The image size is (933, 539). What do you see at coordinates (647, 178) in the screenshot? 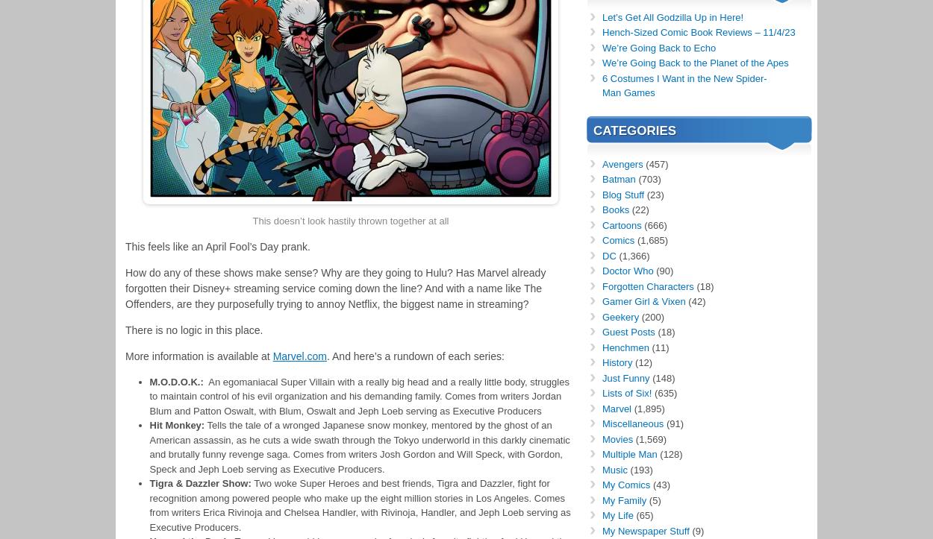
I see `'(703)'` at bounding box center [647, 178].